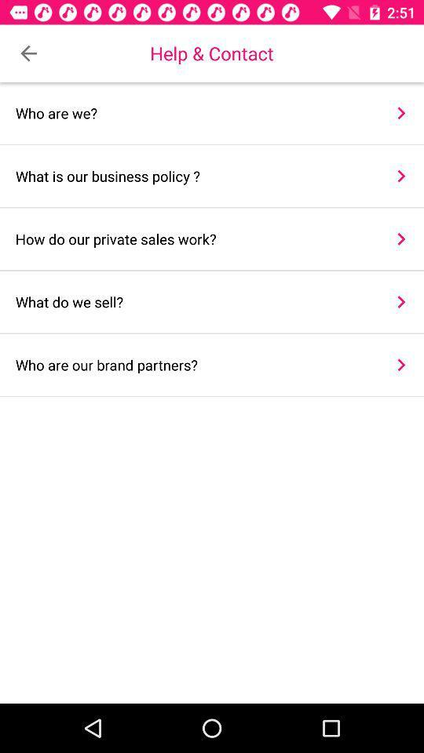 This screenshot has height=753, width=424. Describe the element at coordinates (194, 301) in the screenshot. I see `the icon above the who are our item` at that location.